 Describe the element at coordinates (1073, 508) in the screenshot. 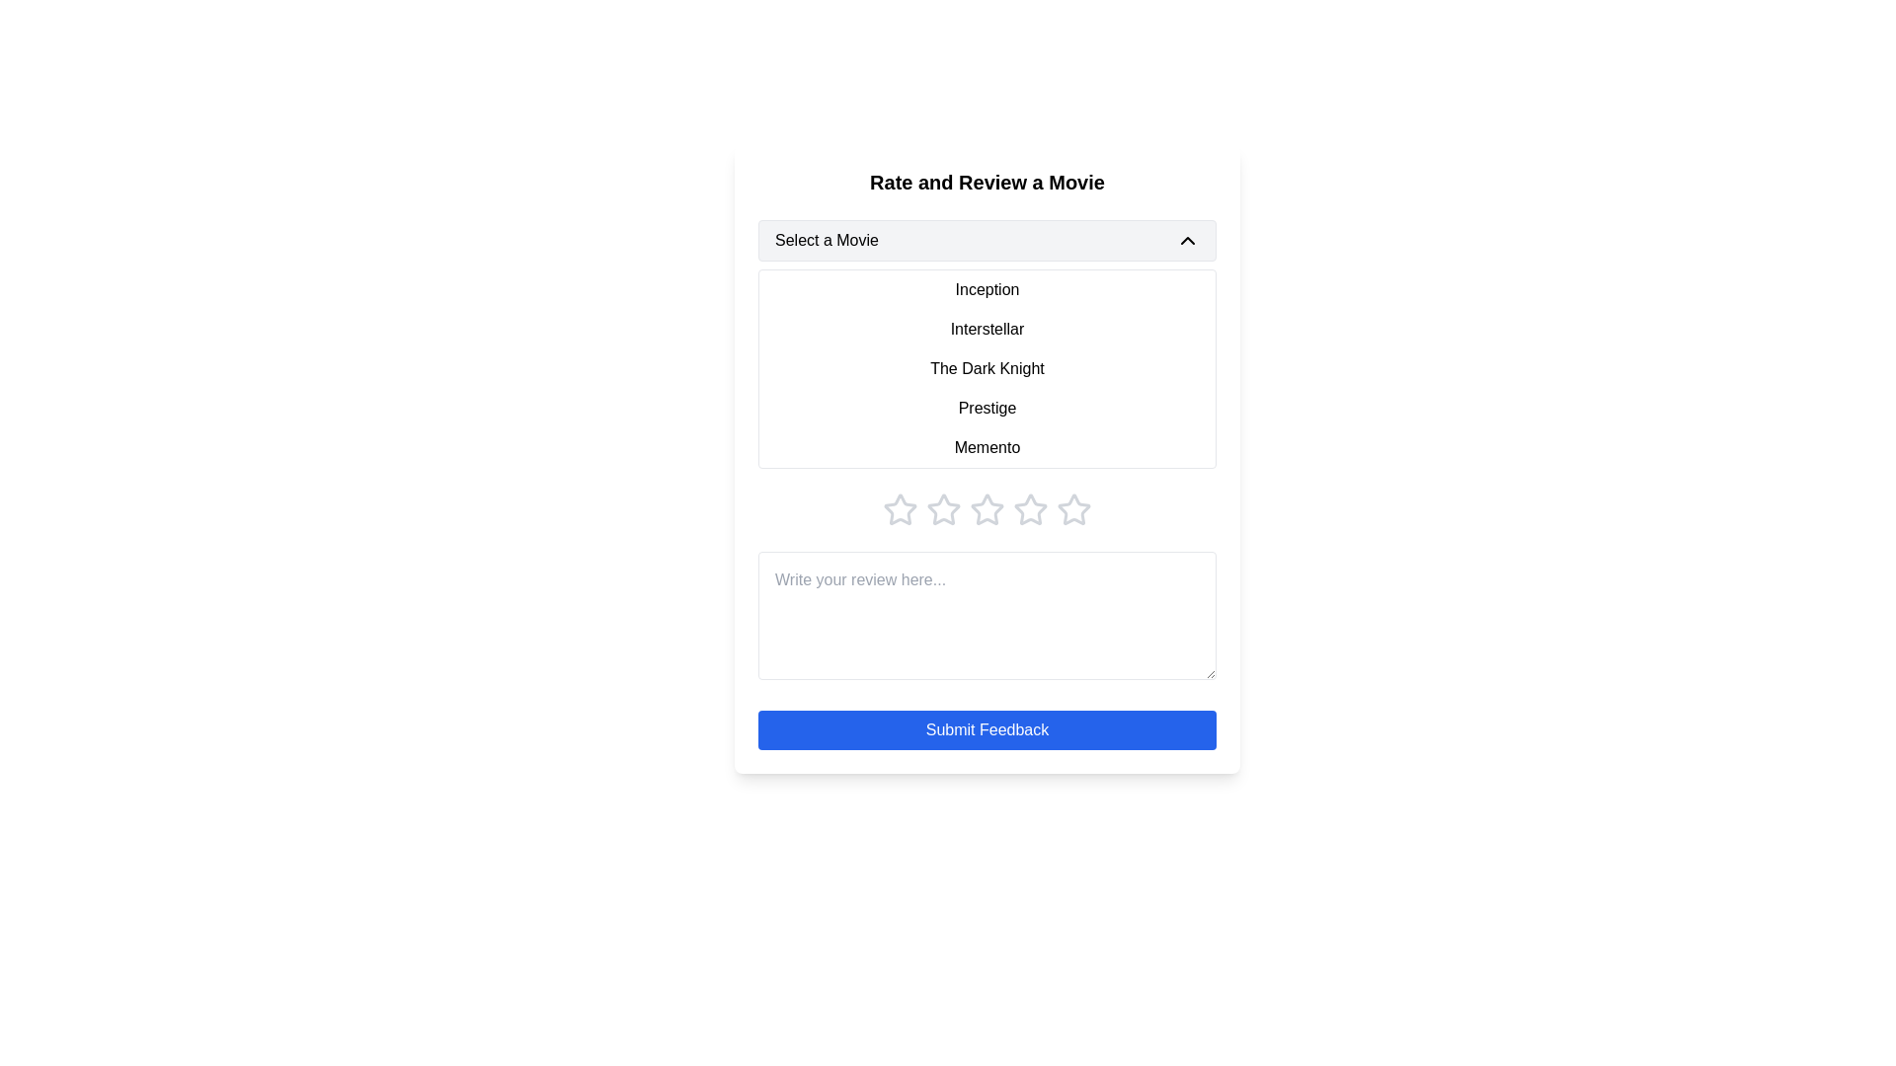

I see `the fifth star-shaped rating icon` at that location.